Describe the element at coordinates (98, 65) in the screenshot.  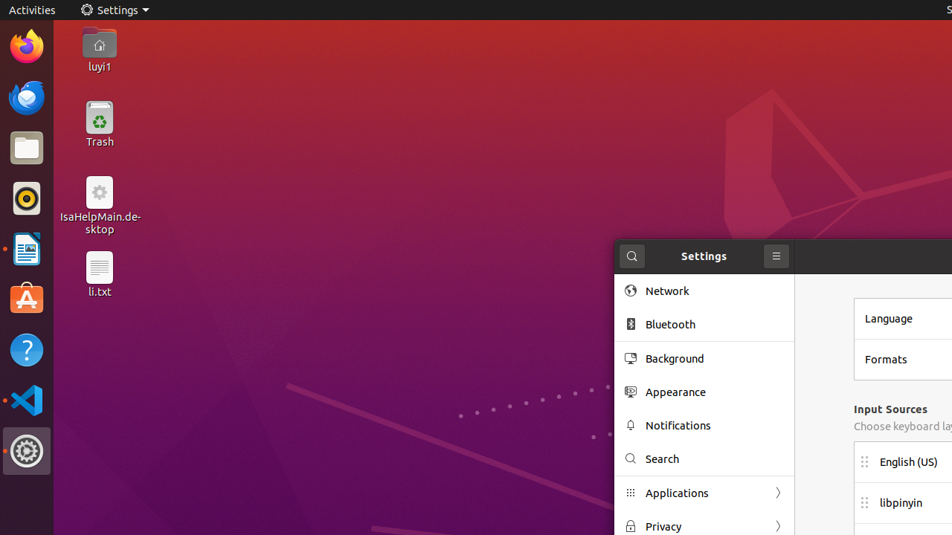
I see `'luyi1'` at that location.